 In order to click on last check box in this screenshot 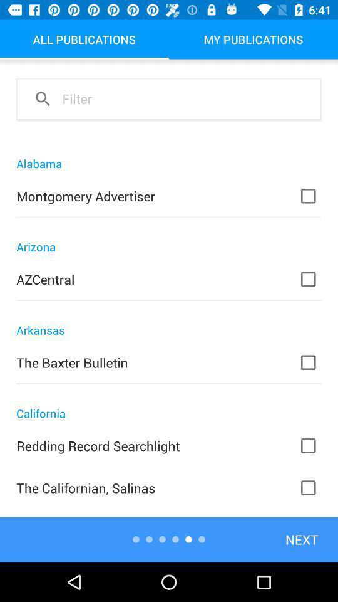, I will do `click(315, 487)`.